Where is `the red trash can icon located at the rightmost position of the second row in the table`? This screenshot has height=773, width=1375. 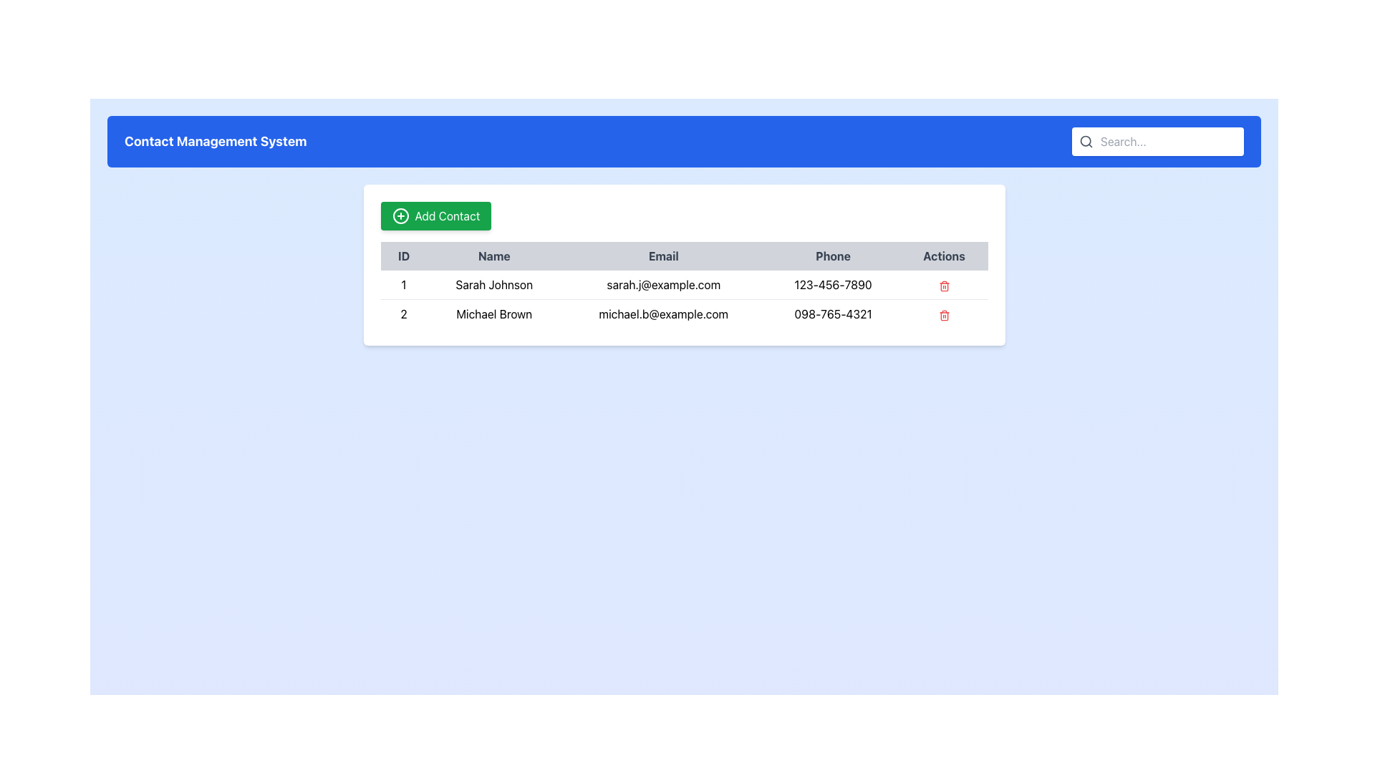 the red trash can icon located at the rightmost position of the second row in the table is located at coordinates (944, 313).